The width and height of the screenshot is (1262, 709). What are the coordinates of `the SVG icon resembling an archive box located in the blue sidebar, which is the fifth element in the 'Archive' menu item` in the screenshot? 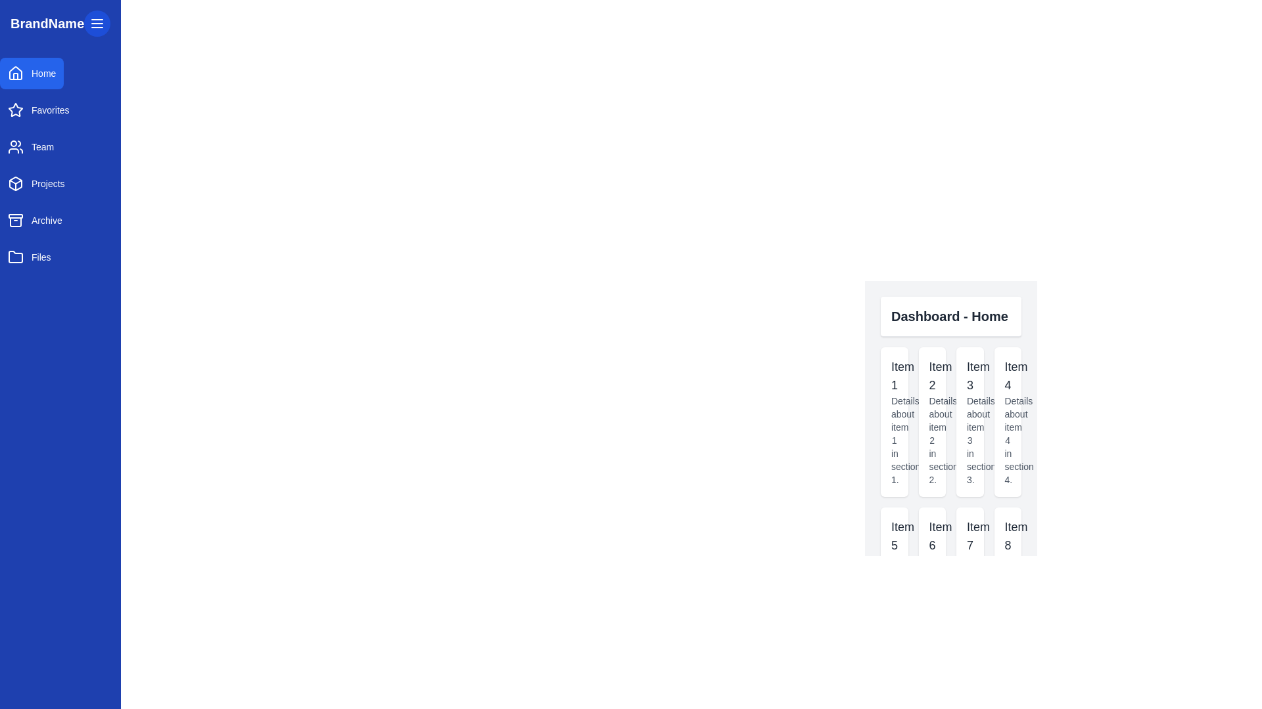 It's located at (16, 219).